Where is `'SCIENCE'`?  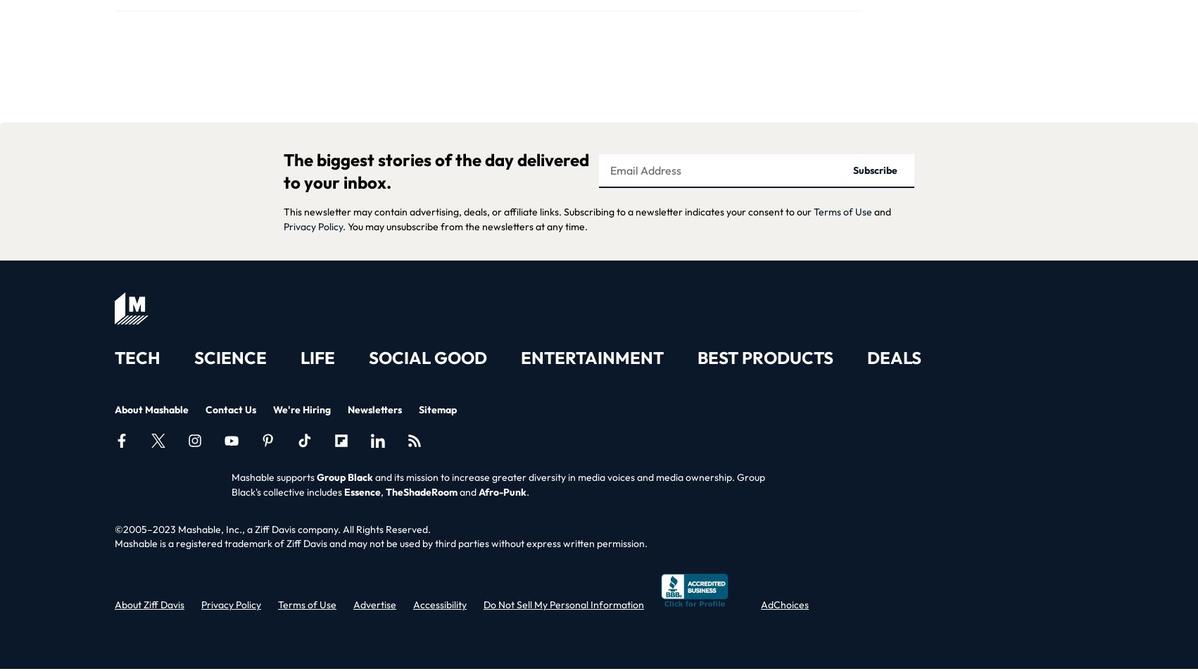
'SCIENCE' is located at coordinates (230, 358).